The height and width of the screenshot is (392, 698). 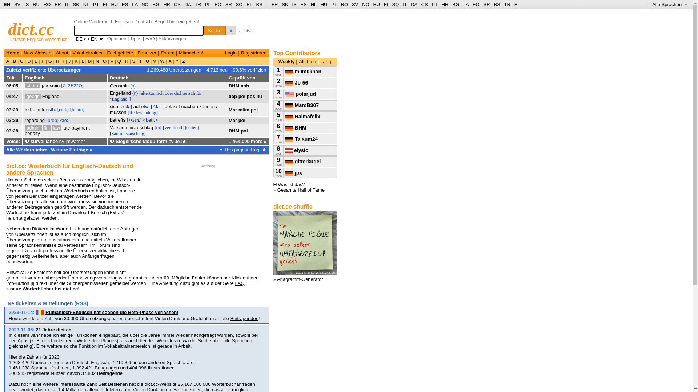 I want to click on 'liu', so click(x=259, y=96).